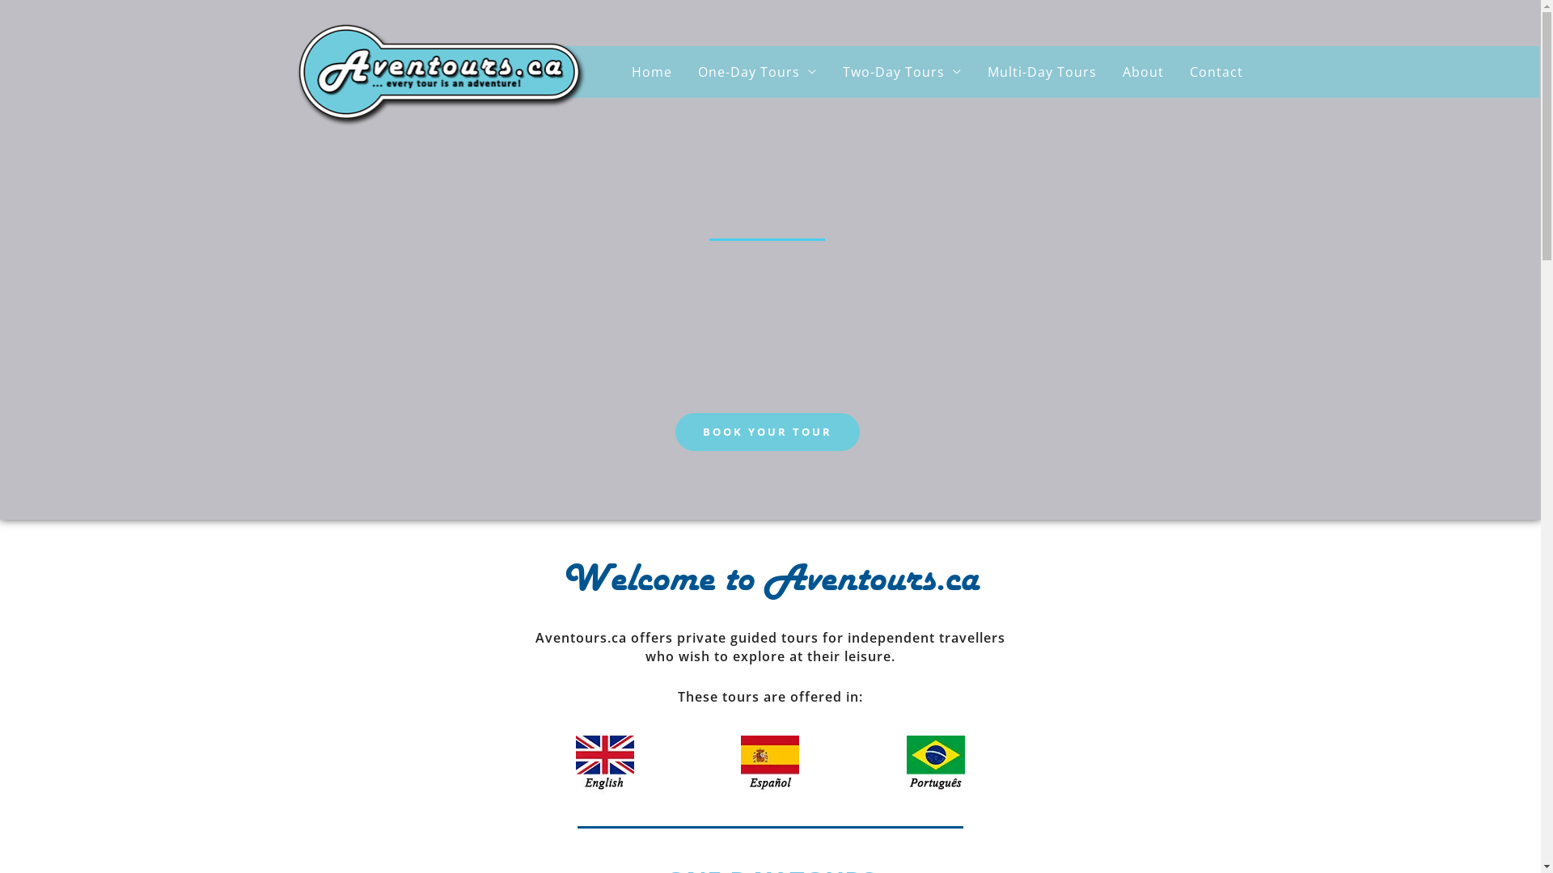 Image resolution: width=1553 pixels, height=873 pixels. I want to click on 'Contact', so click(1176, 70).